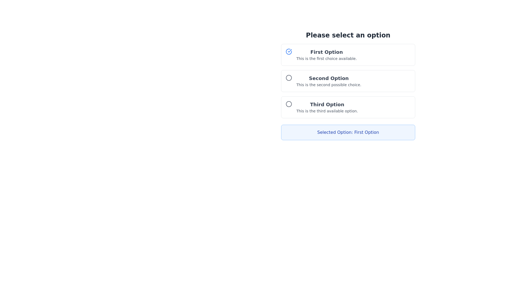 The image size is (515, 289). Describe the element at coordinates (348, 81) in the screenshot. I see `the interactive selection list located centrally below the 'Please select an option' text` at that location.